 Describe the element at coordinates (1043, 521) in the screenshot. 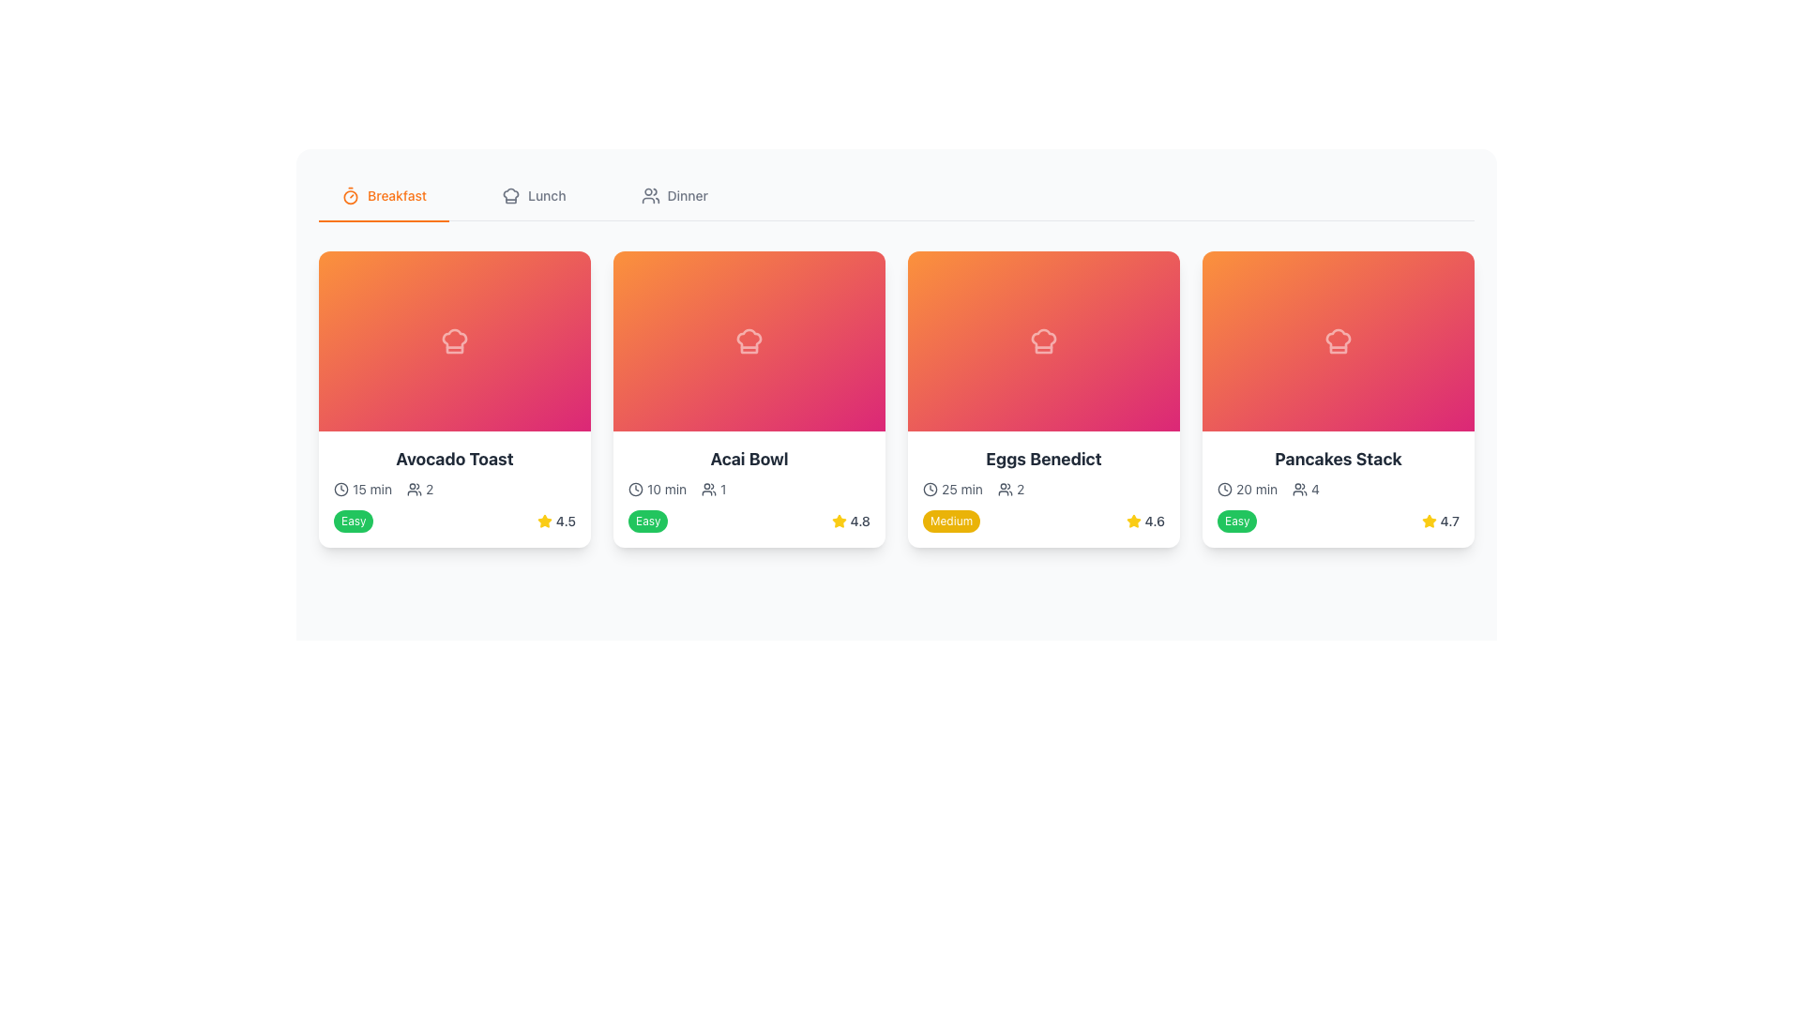

I see `the difficulty level and rating element on the 'Eggs Benedict' recipe card, which displays a 'Medium' difficulty and a rating of 4.6 stars, located in the bottom section of the card` at that location.